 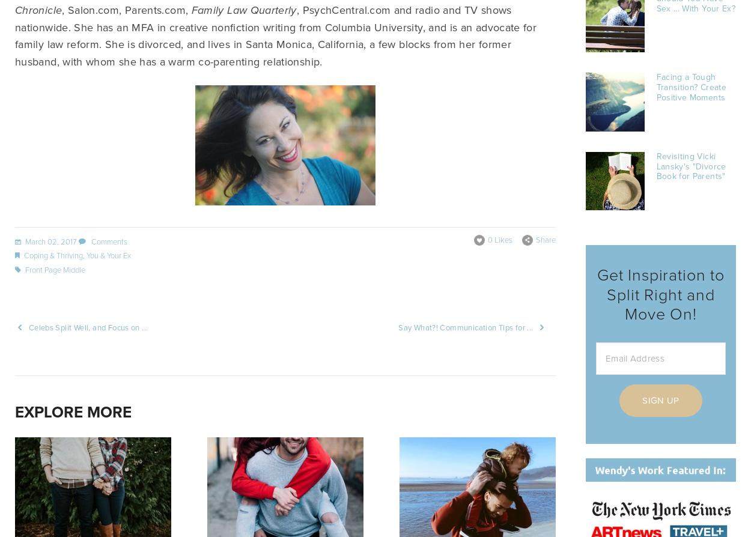 I want to click on 'Coping & Thriving', so click(x=52, y=255).